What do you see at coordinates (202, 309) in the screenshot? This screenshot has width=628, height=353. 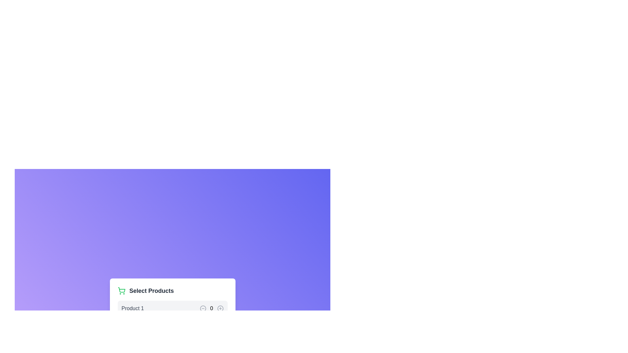 I see `the decrement icon button located to the left of the numeric indicator in the 'Product 1' row to decrease the quantity of the associated product` at bounding box center [202, 309].